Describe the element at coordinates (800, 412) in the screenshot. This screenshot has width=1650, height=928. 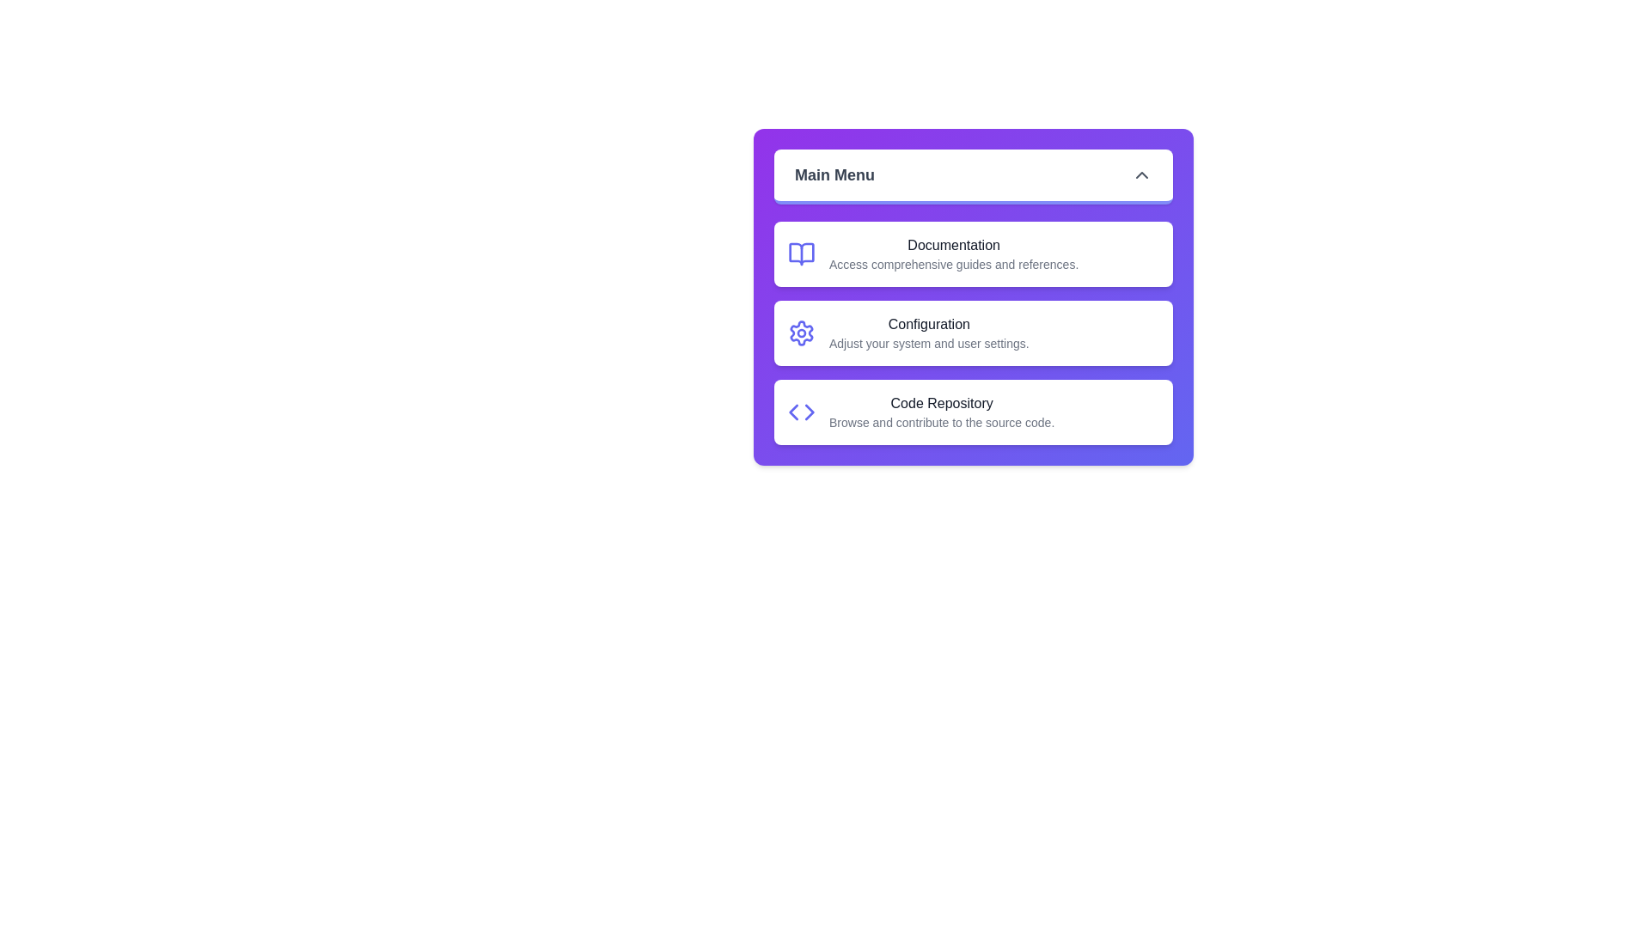
I see `the Code Repository icon to interact with it` at that location.